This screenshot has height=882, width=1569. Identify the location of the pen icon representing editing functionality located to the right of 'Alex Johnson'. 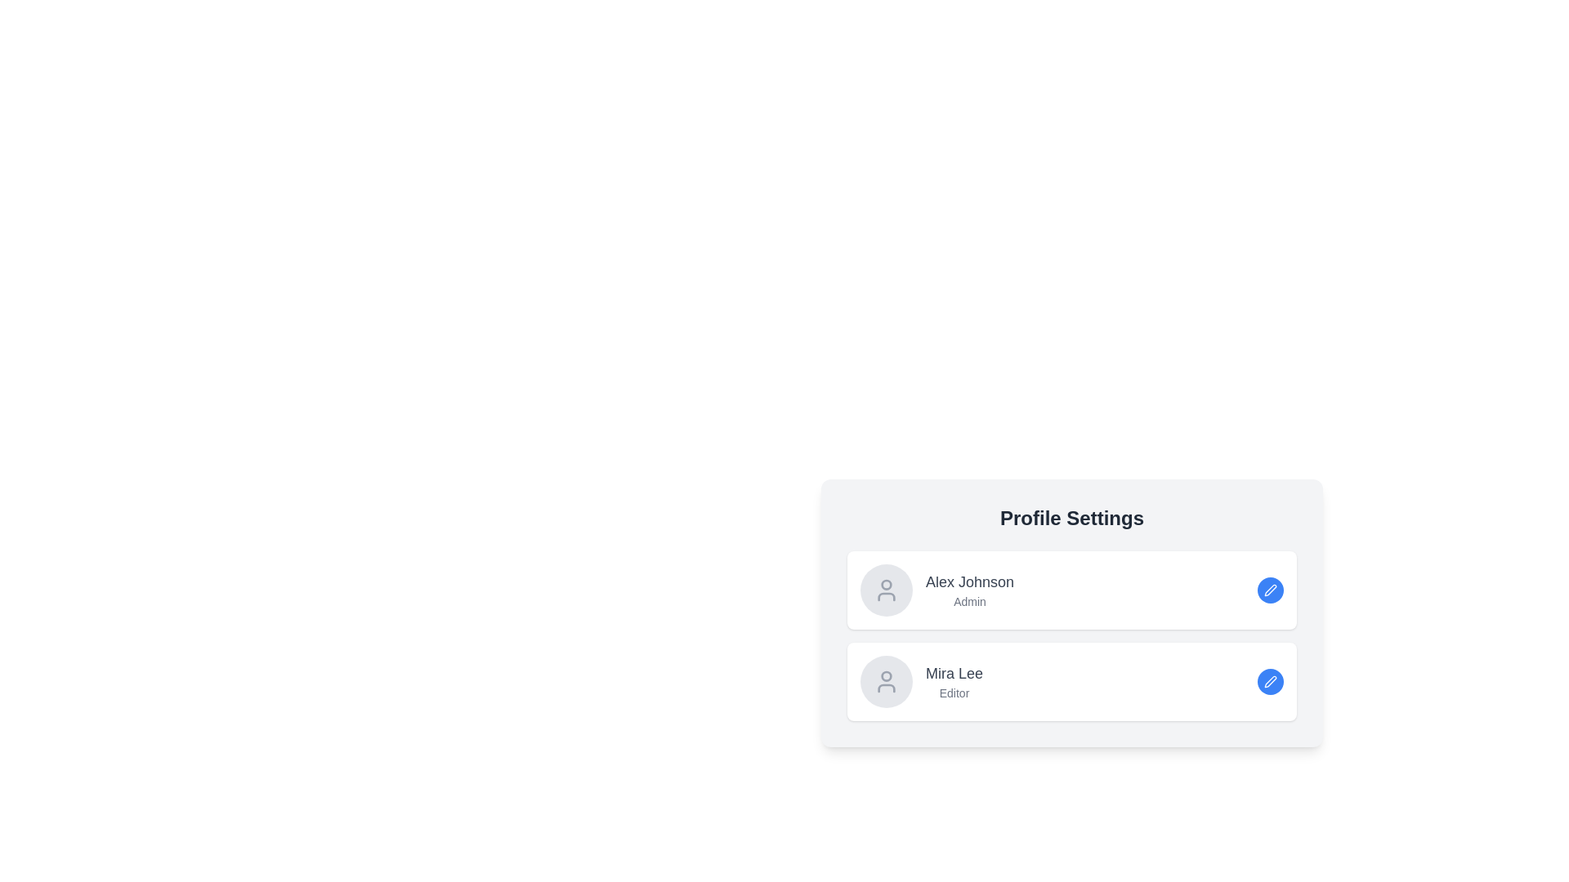
(1270, 680).